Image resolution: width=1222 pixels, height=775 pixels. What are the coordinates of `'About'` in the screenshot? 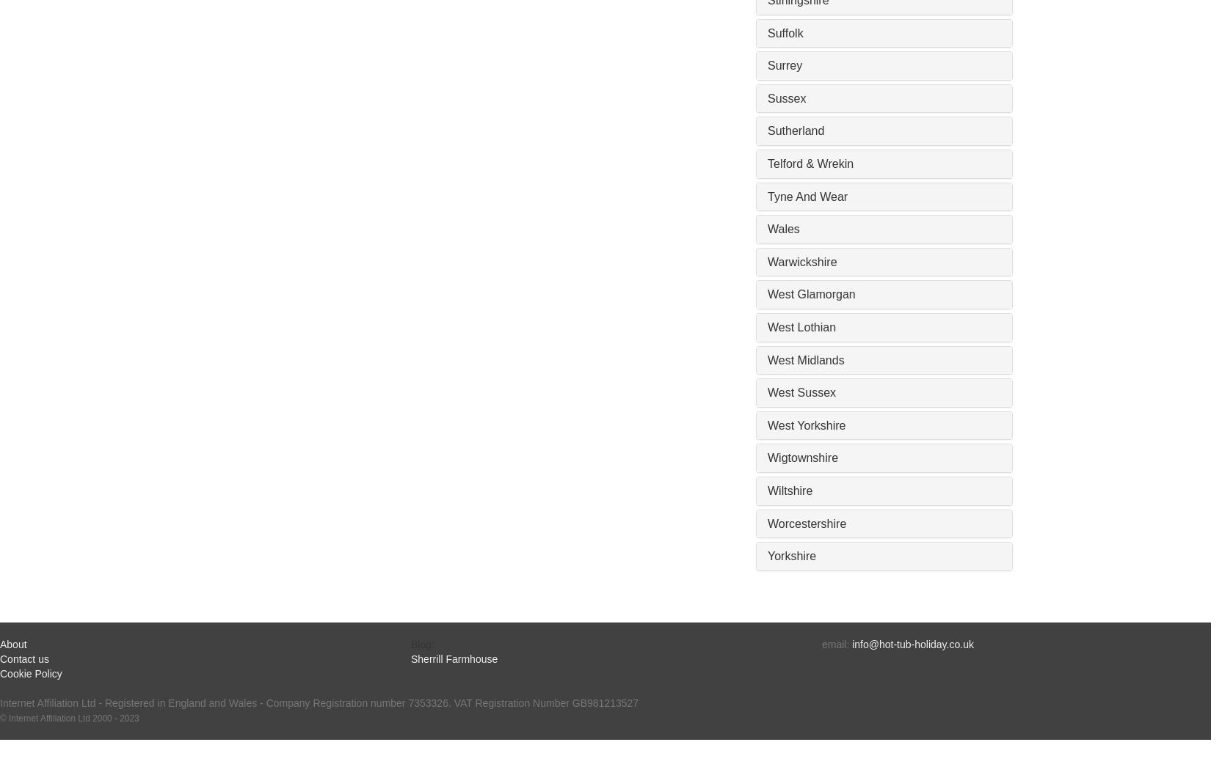 It's located at (12, 643).